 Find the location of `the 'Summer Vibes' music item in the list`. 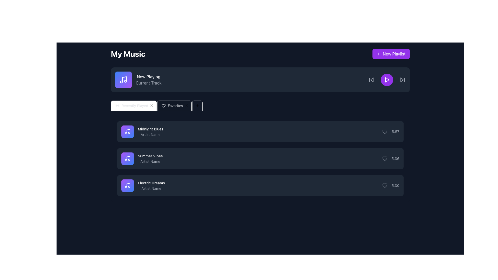

the 'Summer Vibes' music item in the list is located at coordinates (142, 158).